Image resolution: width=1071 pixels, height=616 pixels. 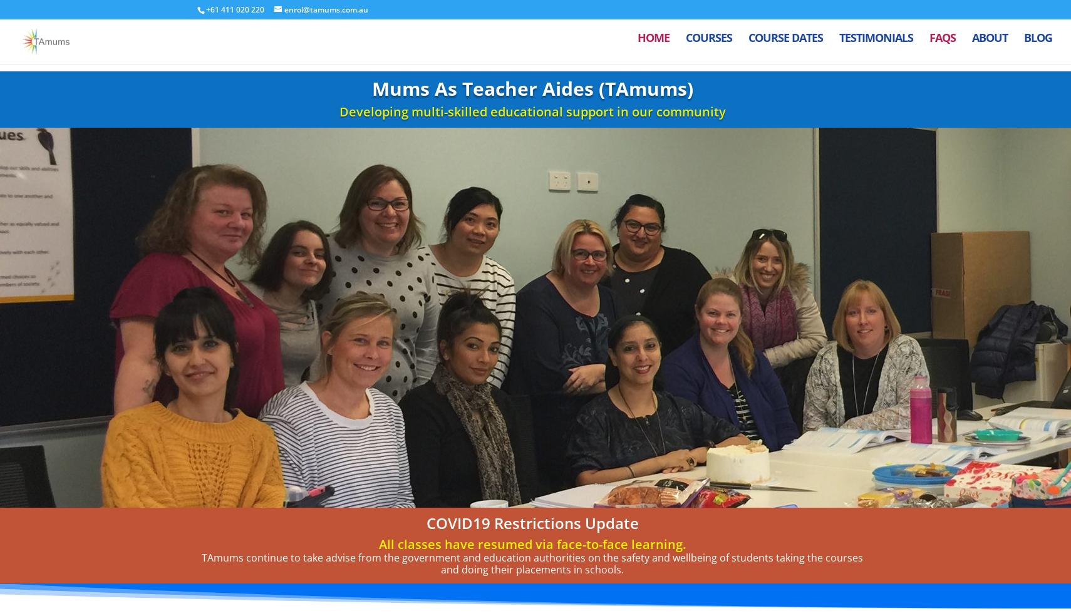 I want to click on 'FAQs', so click(x=942, y=45).